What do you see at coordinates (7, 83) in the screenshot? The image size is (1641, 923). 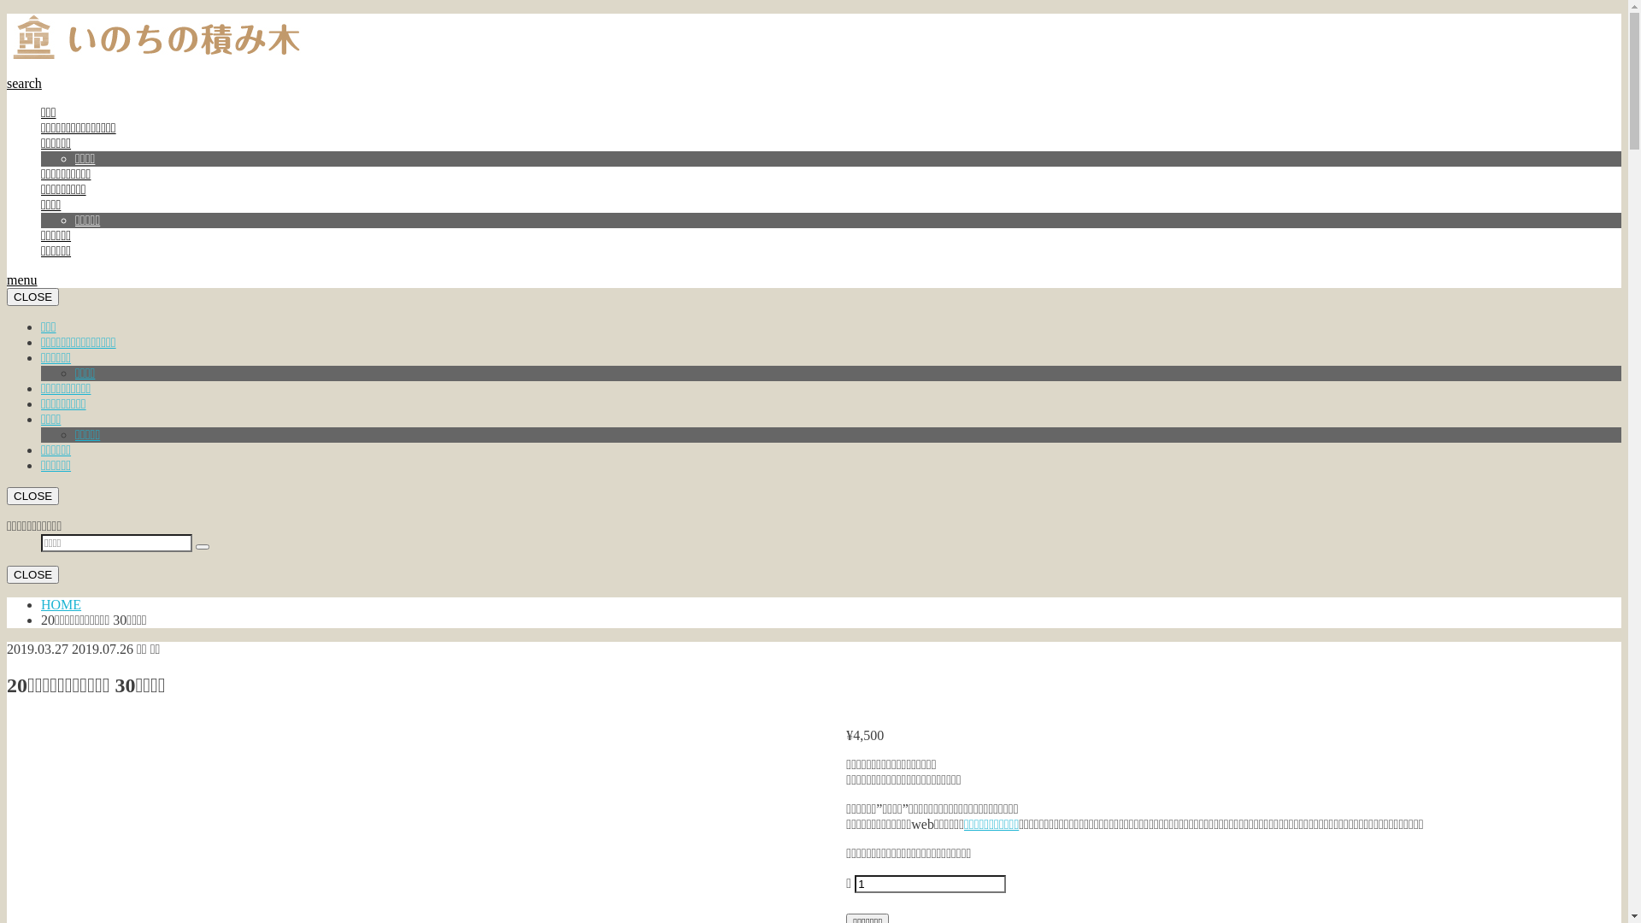 I see `'search'` at bounding box center [7, 83].